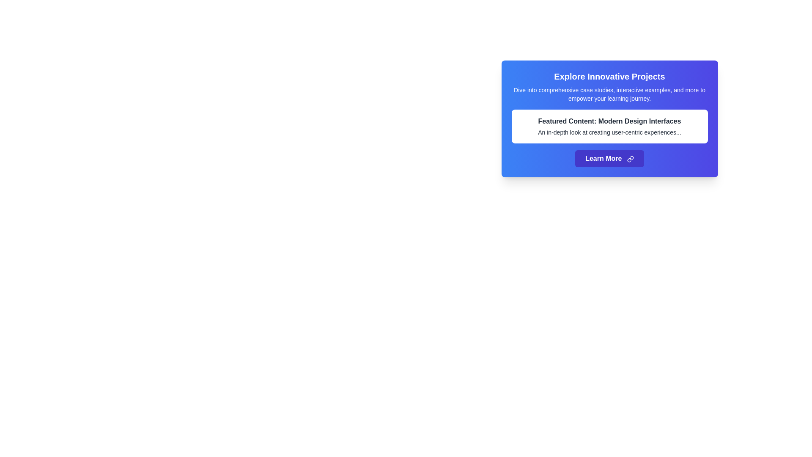 The image size is (812, 457). I want to click on the SVG icon styled with 'lucide-link' class located next to the 'Learn More' button, so click(630, 158).